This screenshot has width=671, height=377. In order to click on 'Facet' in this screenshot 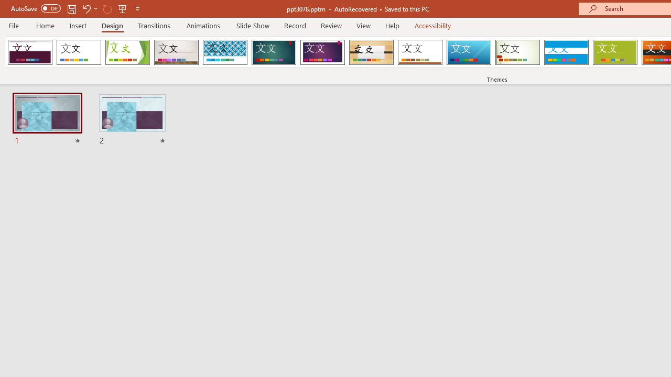, I will do `click(127, 52)`.